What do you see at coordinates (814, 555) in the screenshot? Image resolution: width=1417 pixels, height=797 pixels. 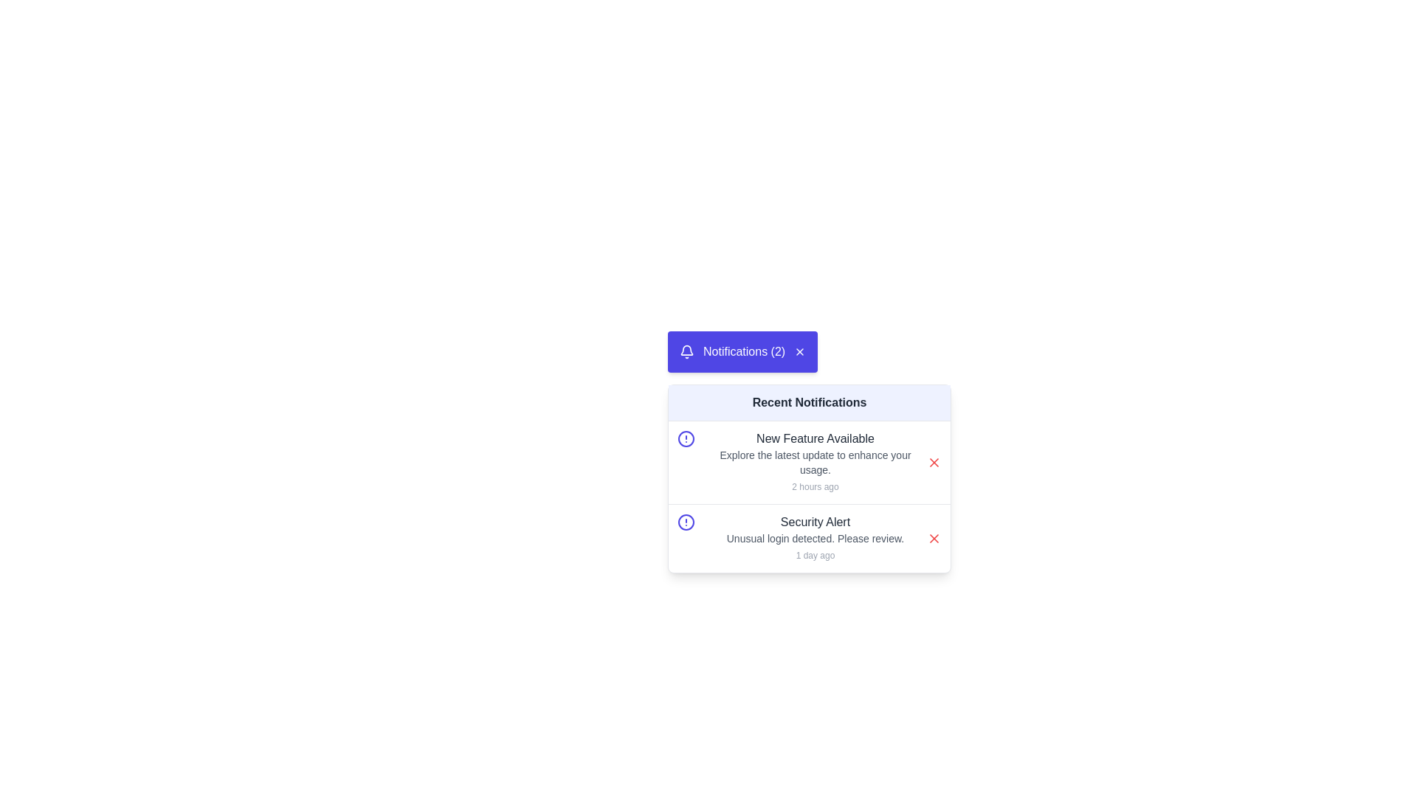 I see `the text label indicating the timestamp or time elapsed since the notification was issued, located below the 'Unusual login detected. Please review.' message in the second notification item` at bounding box center [814, 555].